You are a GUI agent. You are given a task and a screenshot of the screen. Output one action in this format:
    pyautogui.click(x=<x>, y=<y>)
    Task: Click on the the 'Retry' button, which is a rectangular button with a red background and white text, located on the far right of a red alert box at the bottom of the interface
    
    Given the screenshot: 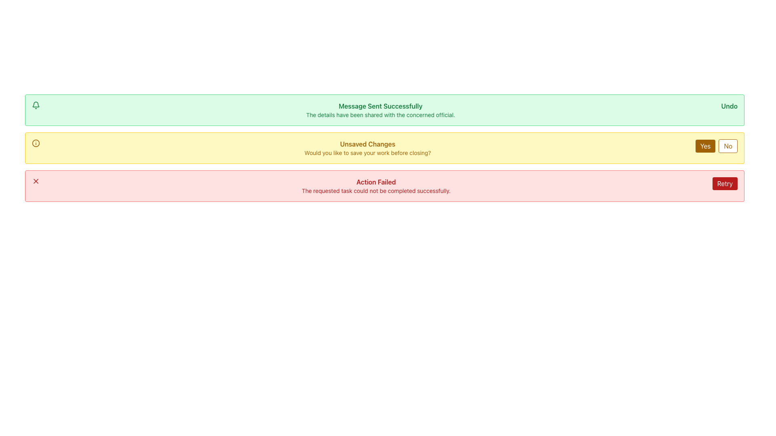 What is the action you would take?
    pyautogui.click(x=725, y=184)
    